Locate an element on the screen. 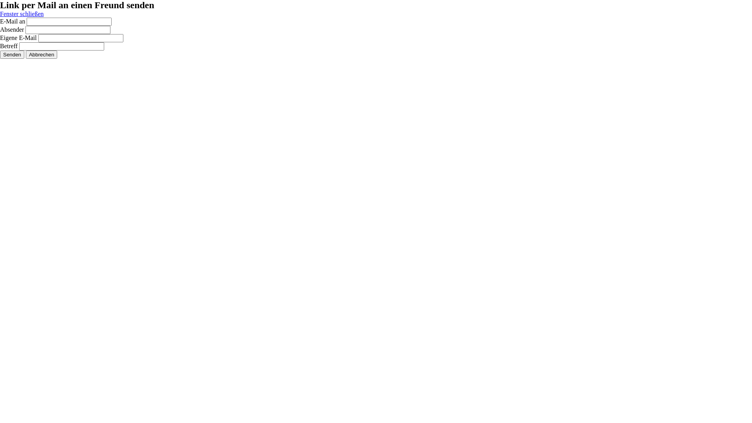  'Senden' is located at coordinates (12, 54).